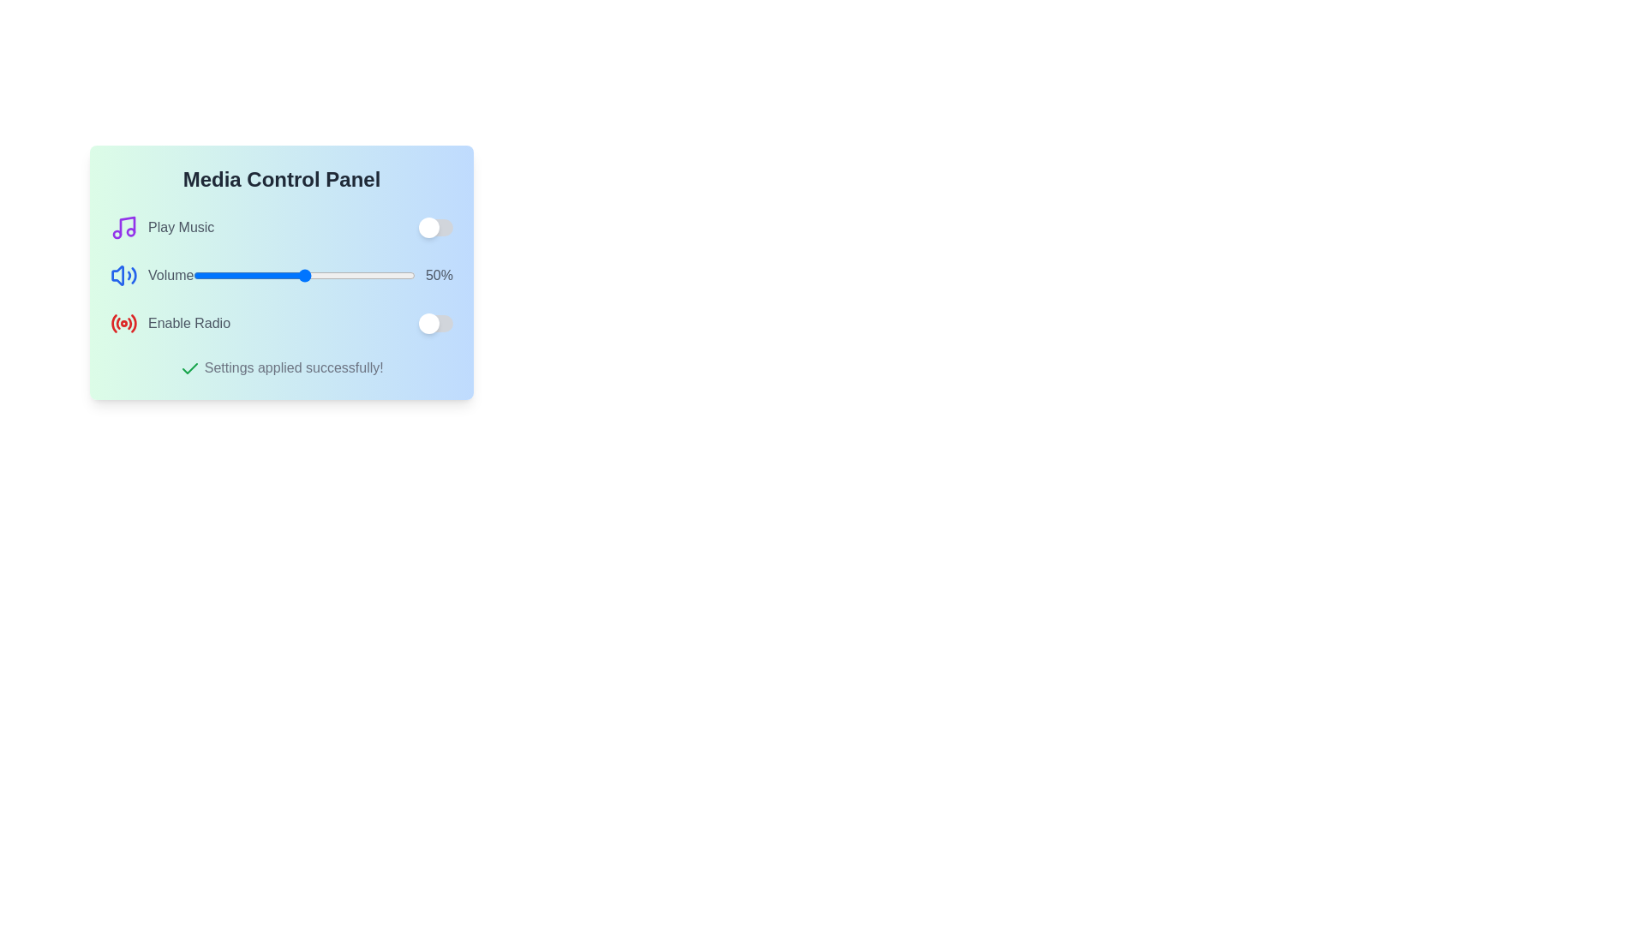  What do you see at coordinates (428, 324) in the screenshot?
I see `the toggle knob located at the leftmost point of the toggle switch track in the 'Enable Radio' section of the Media Control Panel` at bounding box center [428, 324].